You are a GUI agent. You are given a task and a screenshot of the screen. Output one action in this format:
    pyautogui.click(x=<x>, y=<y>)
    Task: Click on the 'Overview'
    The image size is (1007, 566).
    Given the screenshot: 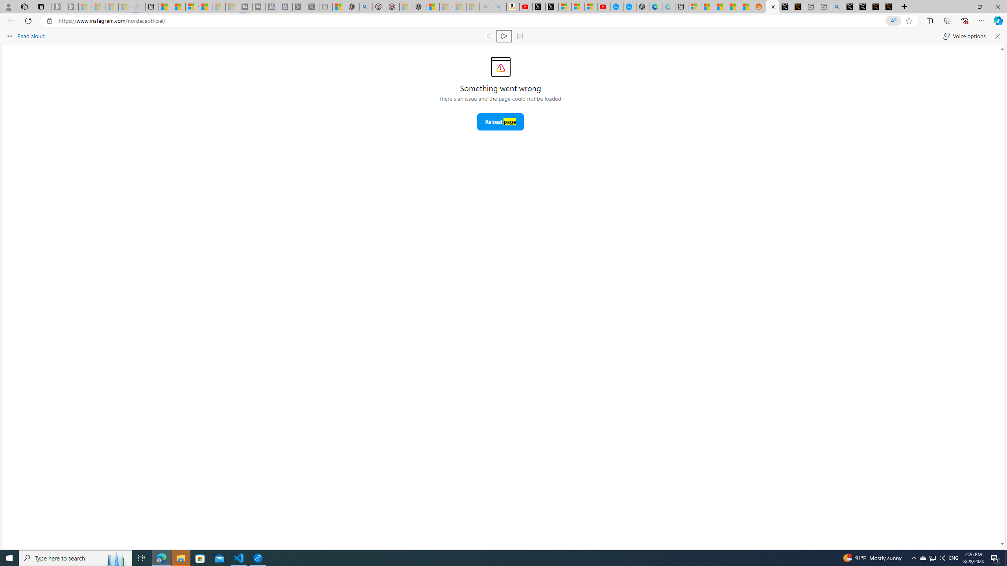 What is the action you would take?
    pyautogui.click(x=192, y=6)
    